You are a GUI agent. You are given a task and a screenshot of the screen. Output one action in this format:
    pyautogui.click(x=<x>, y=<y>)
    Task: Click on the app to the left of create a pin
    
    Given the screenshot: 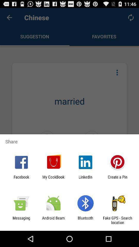 What is the action you would take?
    pyautogui.click(x=85, y=179)
    